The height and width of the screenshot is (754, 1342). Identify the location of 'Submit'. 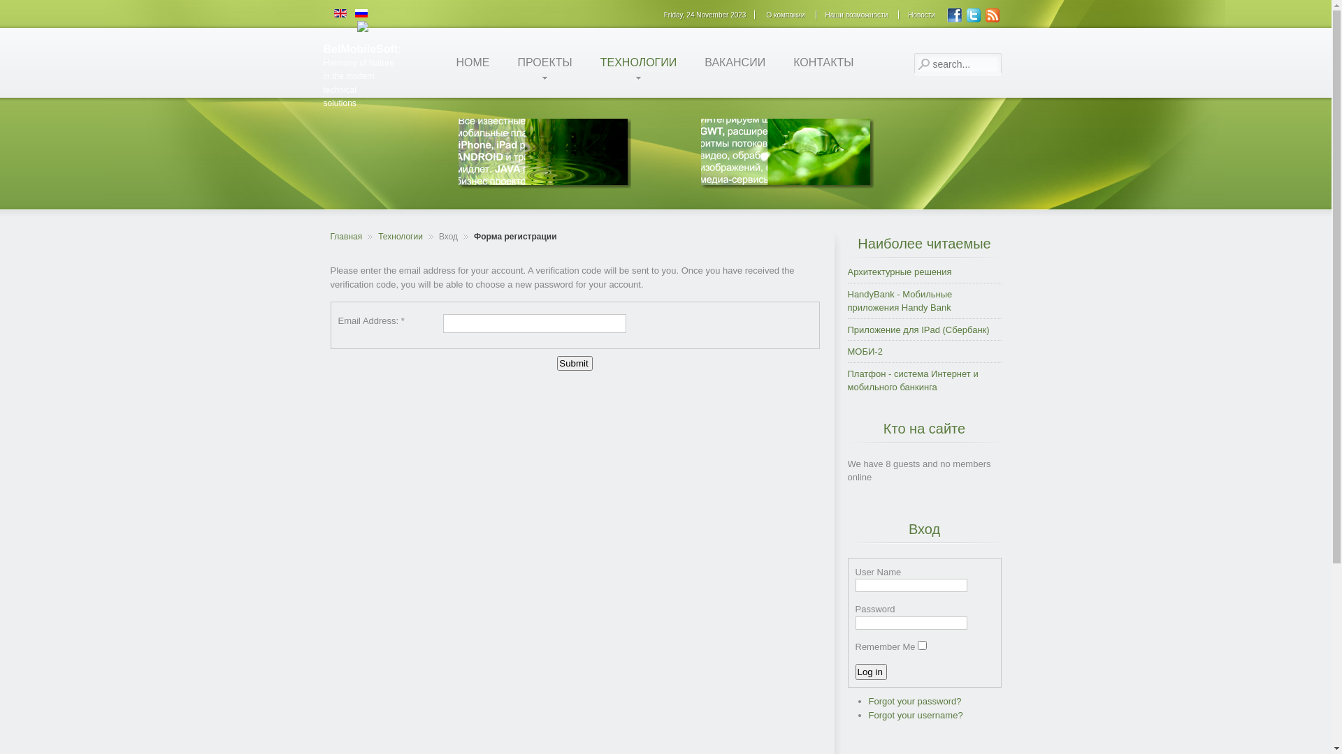
(574, 362).